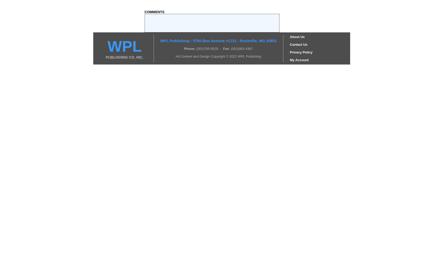 The height and width of the screenshot is (257, 438). I want to click on 'Phone:', so click(189, 48).